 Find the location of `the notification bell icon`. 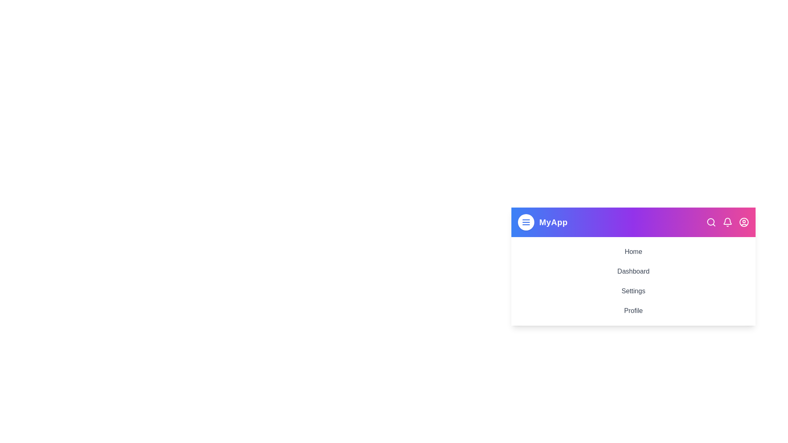

the notification bell icon is located at coordinates (727, 222).